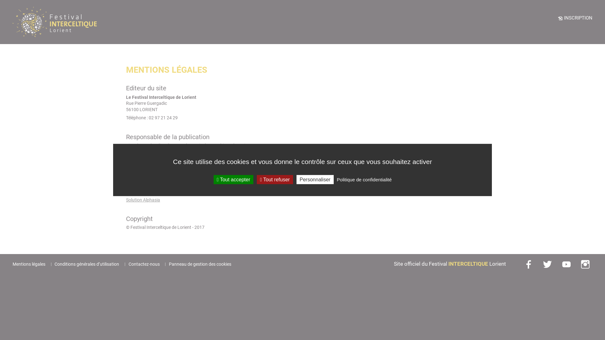 The height and width of the screenshot is (340, 605). What do you see at coordinates (128, 264) in the screenshot?
I see `'Contactez-nous'` at bounding box center [128, 264].